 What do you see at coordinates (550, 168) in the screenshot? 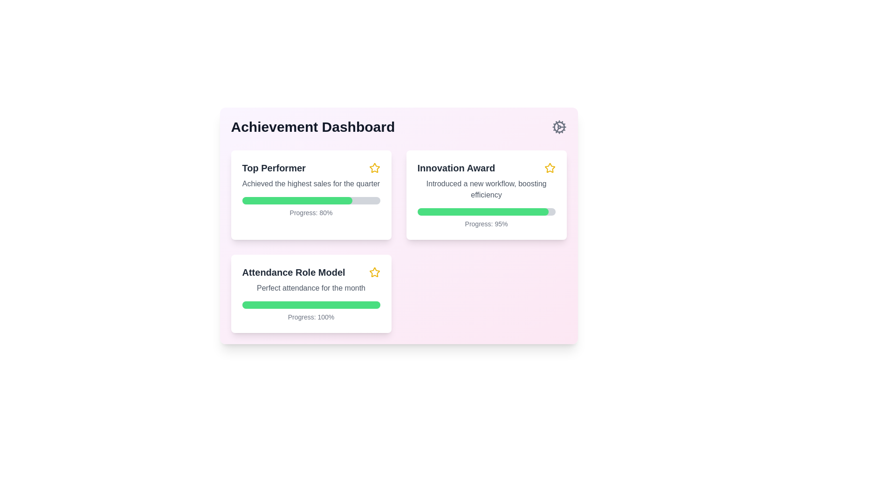
I see `the star-shaped icon` at bounding box center [550, 168].